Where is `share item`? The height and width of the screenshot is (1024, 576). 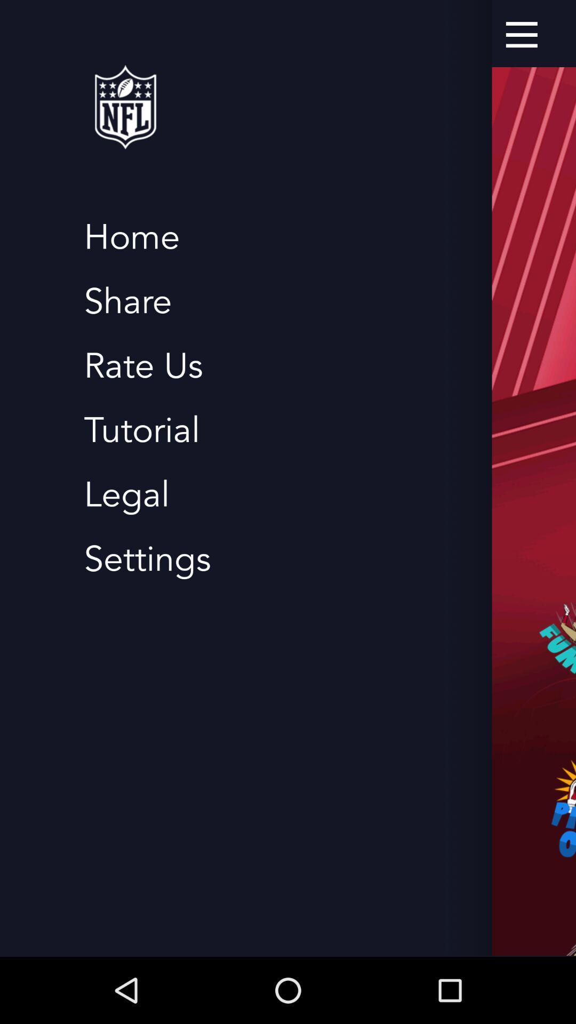
share item is located at coordinates (127, 301).